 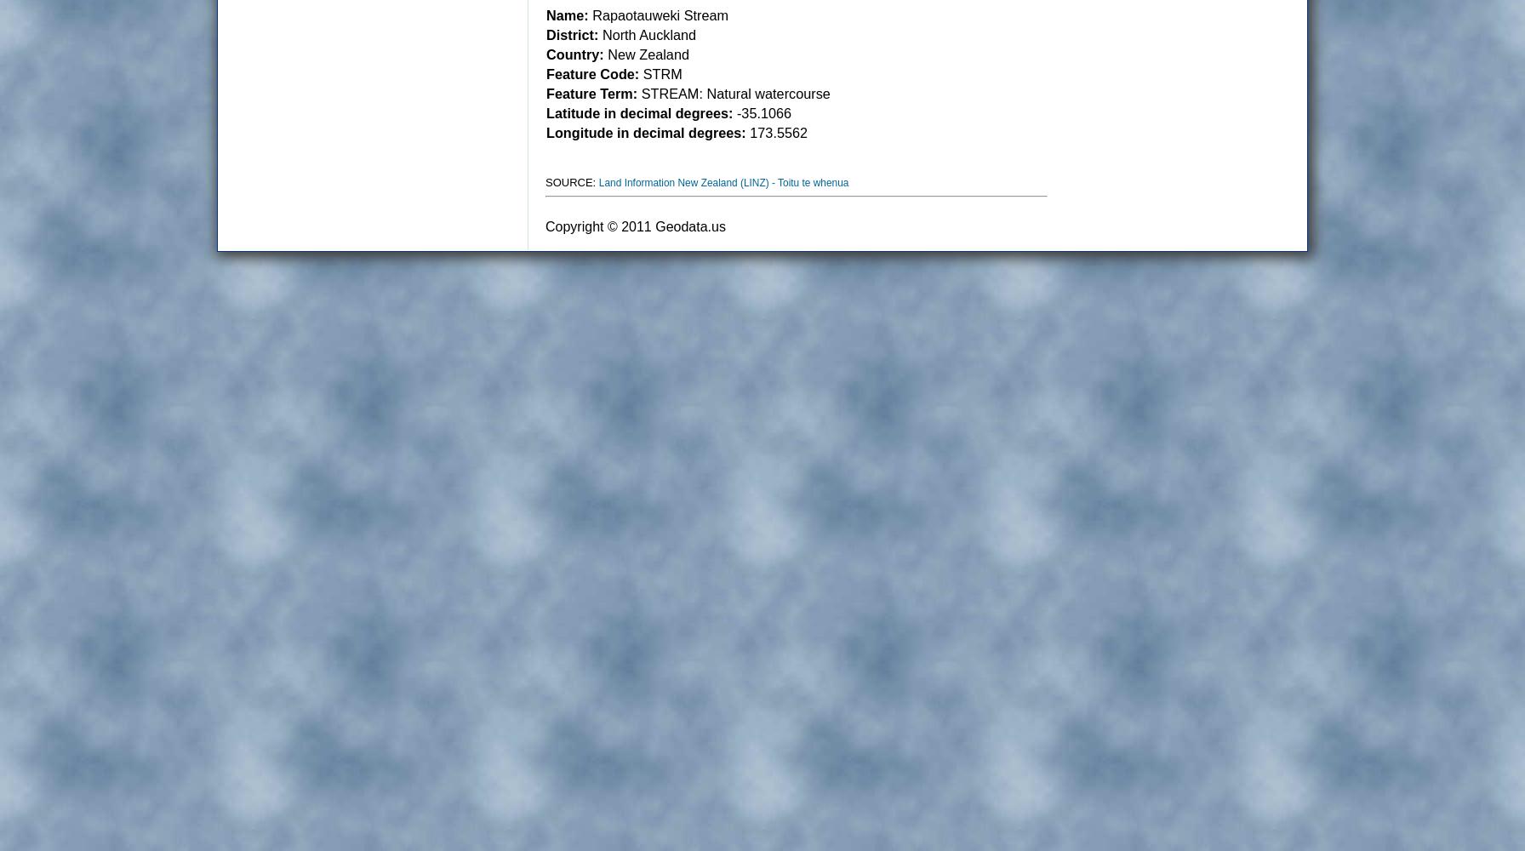 I want to click on 'New Zealand', so click(x=645, y=54).